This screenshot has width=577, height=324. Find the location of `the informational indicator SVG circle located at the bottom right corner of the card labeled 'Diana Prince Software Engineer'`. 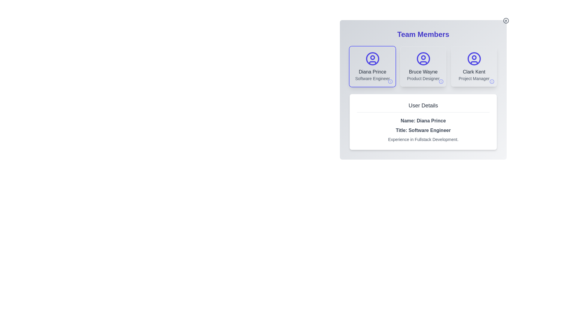

the informational indicator SVG circle located at the bottom right corner of the card labeled 'Diana Prince Software Engineer' is located at coordinates (390, 82).